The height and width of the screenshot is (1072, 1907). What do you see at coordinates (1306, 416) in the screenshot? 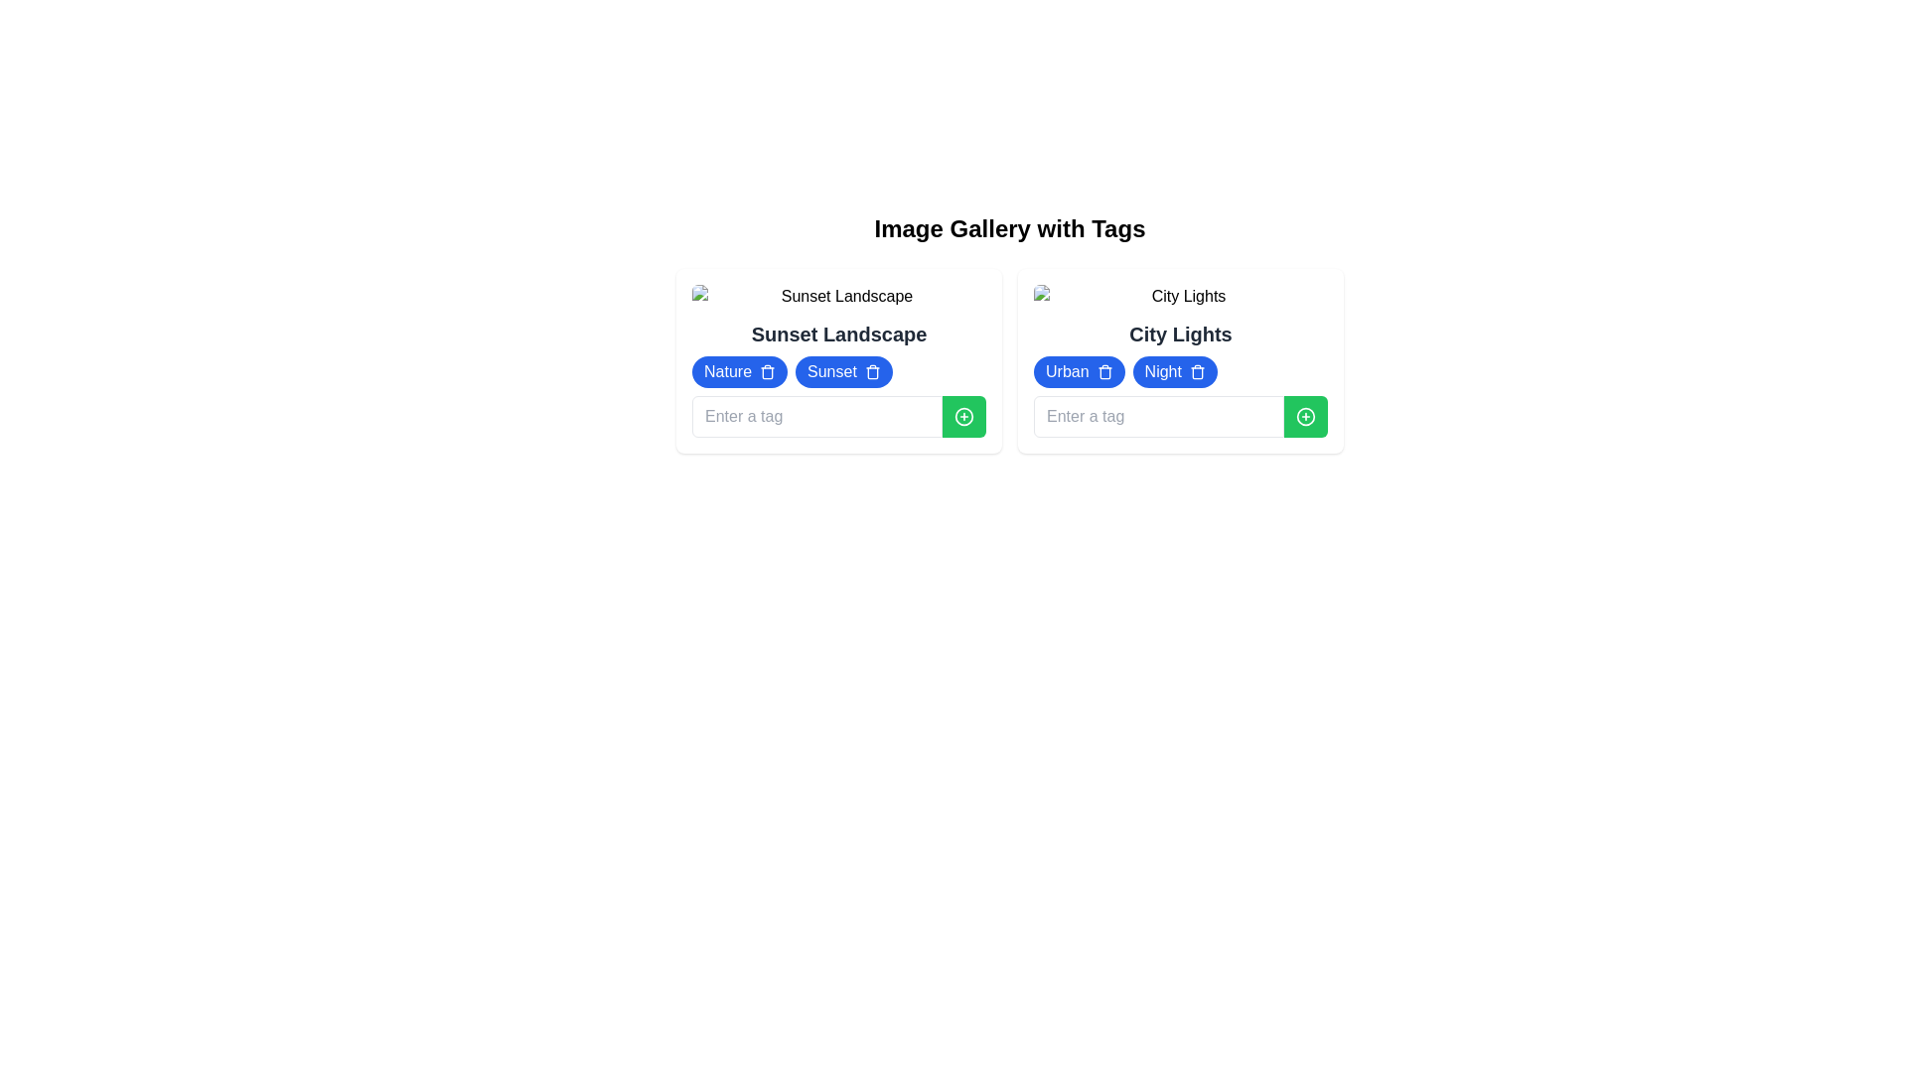
I see `the green circle-shaped icon with a '+' symbol in its center, located on the right side of the text input field under the 'City Lights' section` at bounding box center [1306, 416].